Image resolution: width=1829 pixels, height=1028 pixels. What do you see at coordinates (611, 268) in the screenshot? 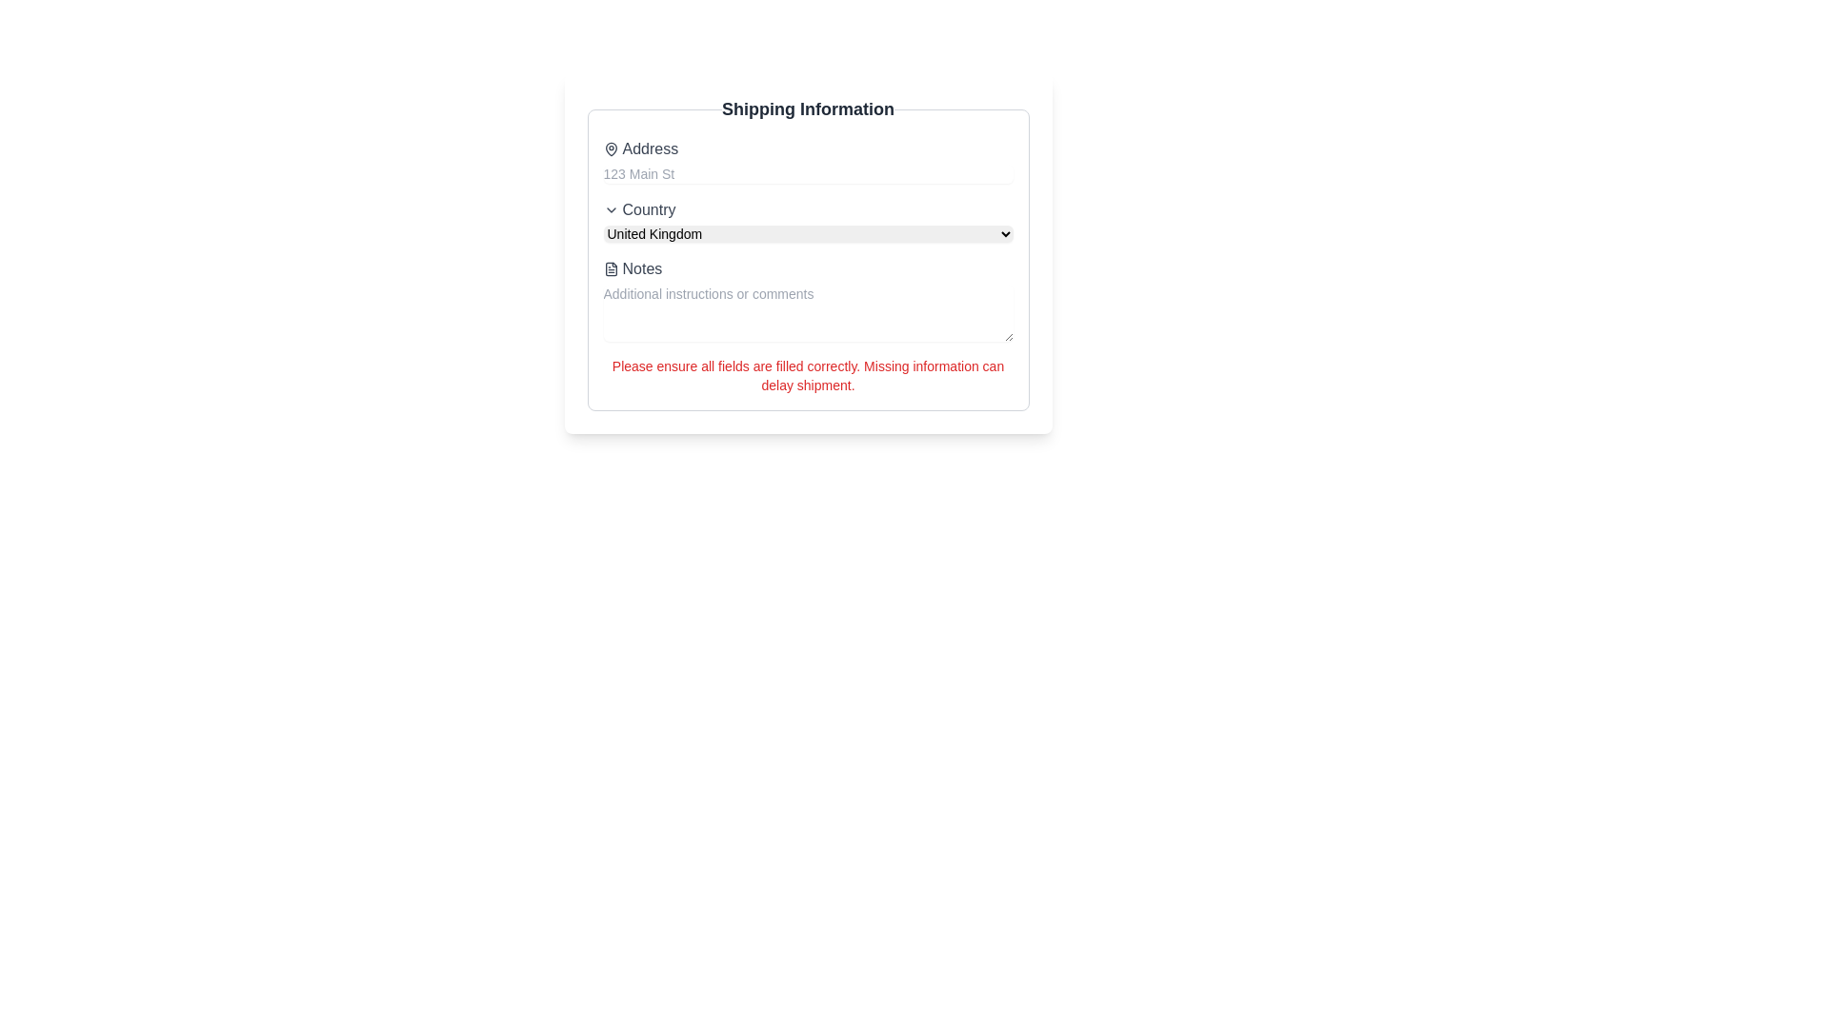
I see `the visual indicator icon representing a note, located at the top left of the 'Notes' label` at bounding box center [611, 268].